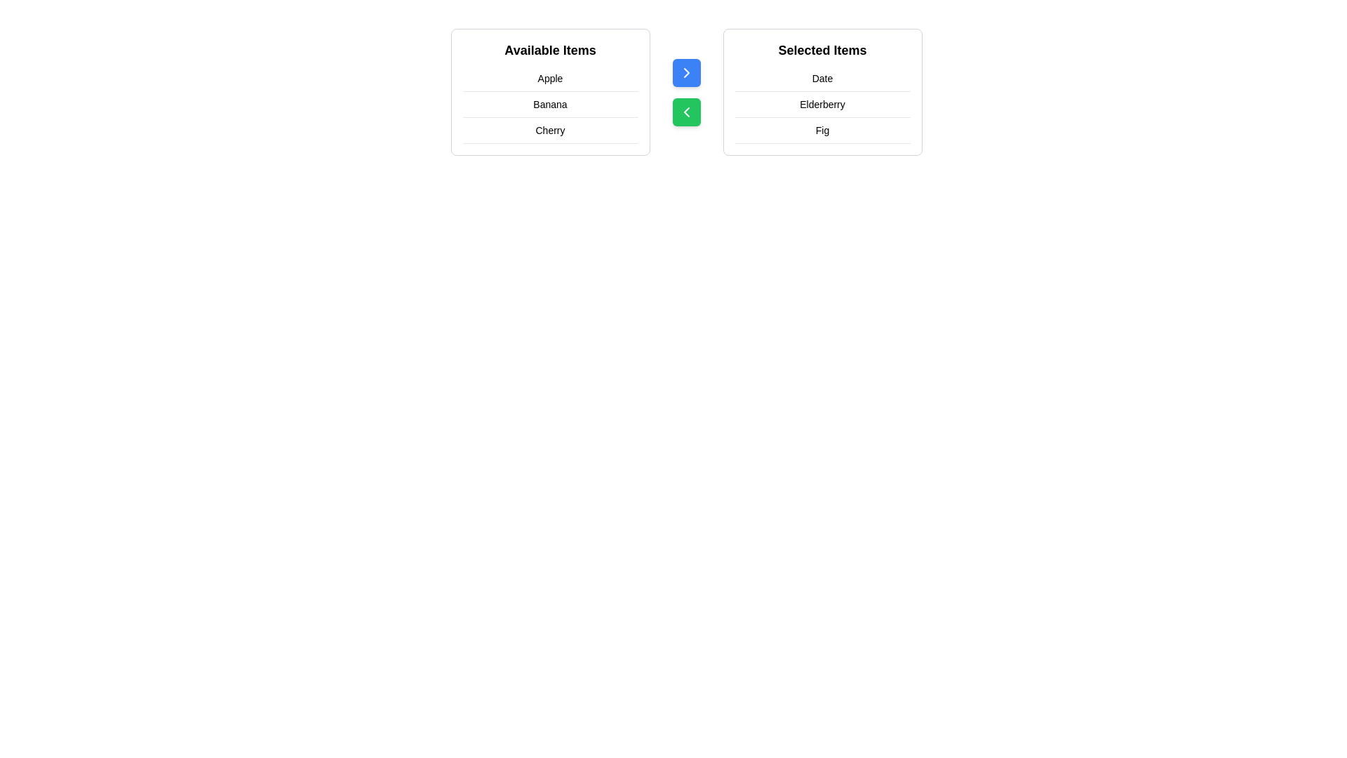  Describe the element at coordinates (686, 72) in the screenshot. I see `the upper blue button containing the Chevron icon to move items from the 'Available Items' list to the 'Selected Items' list` at that location.